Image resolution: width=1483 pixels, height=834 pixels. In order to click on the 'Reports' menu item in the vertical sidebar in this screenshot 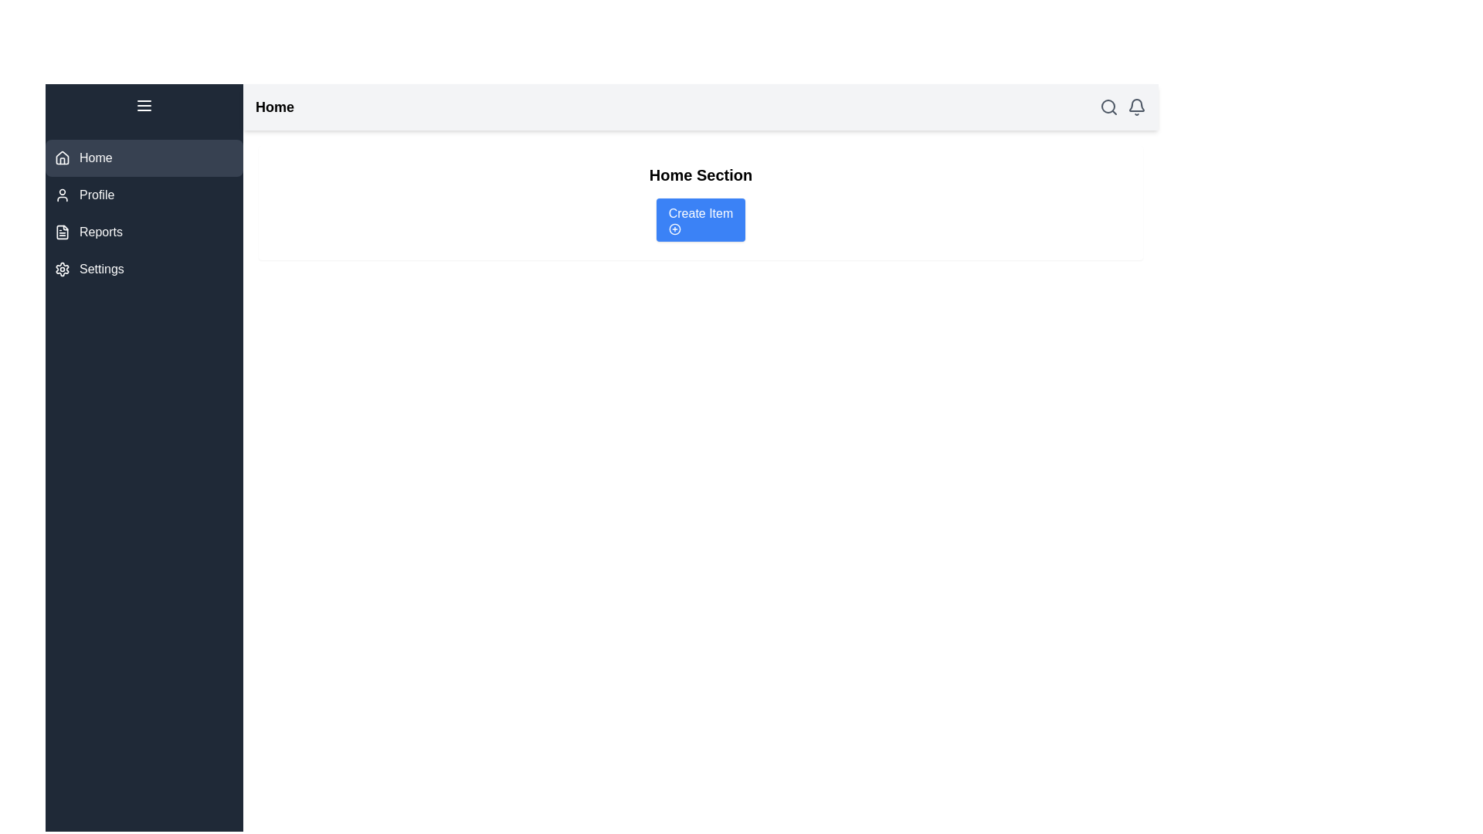, I will do `click(144, 214)`.